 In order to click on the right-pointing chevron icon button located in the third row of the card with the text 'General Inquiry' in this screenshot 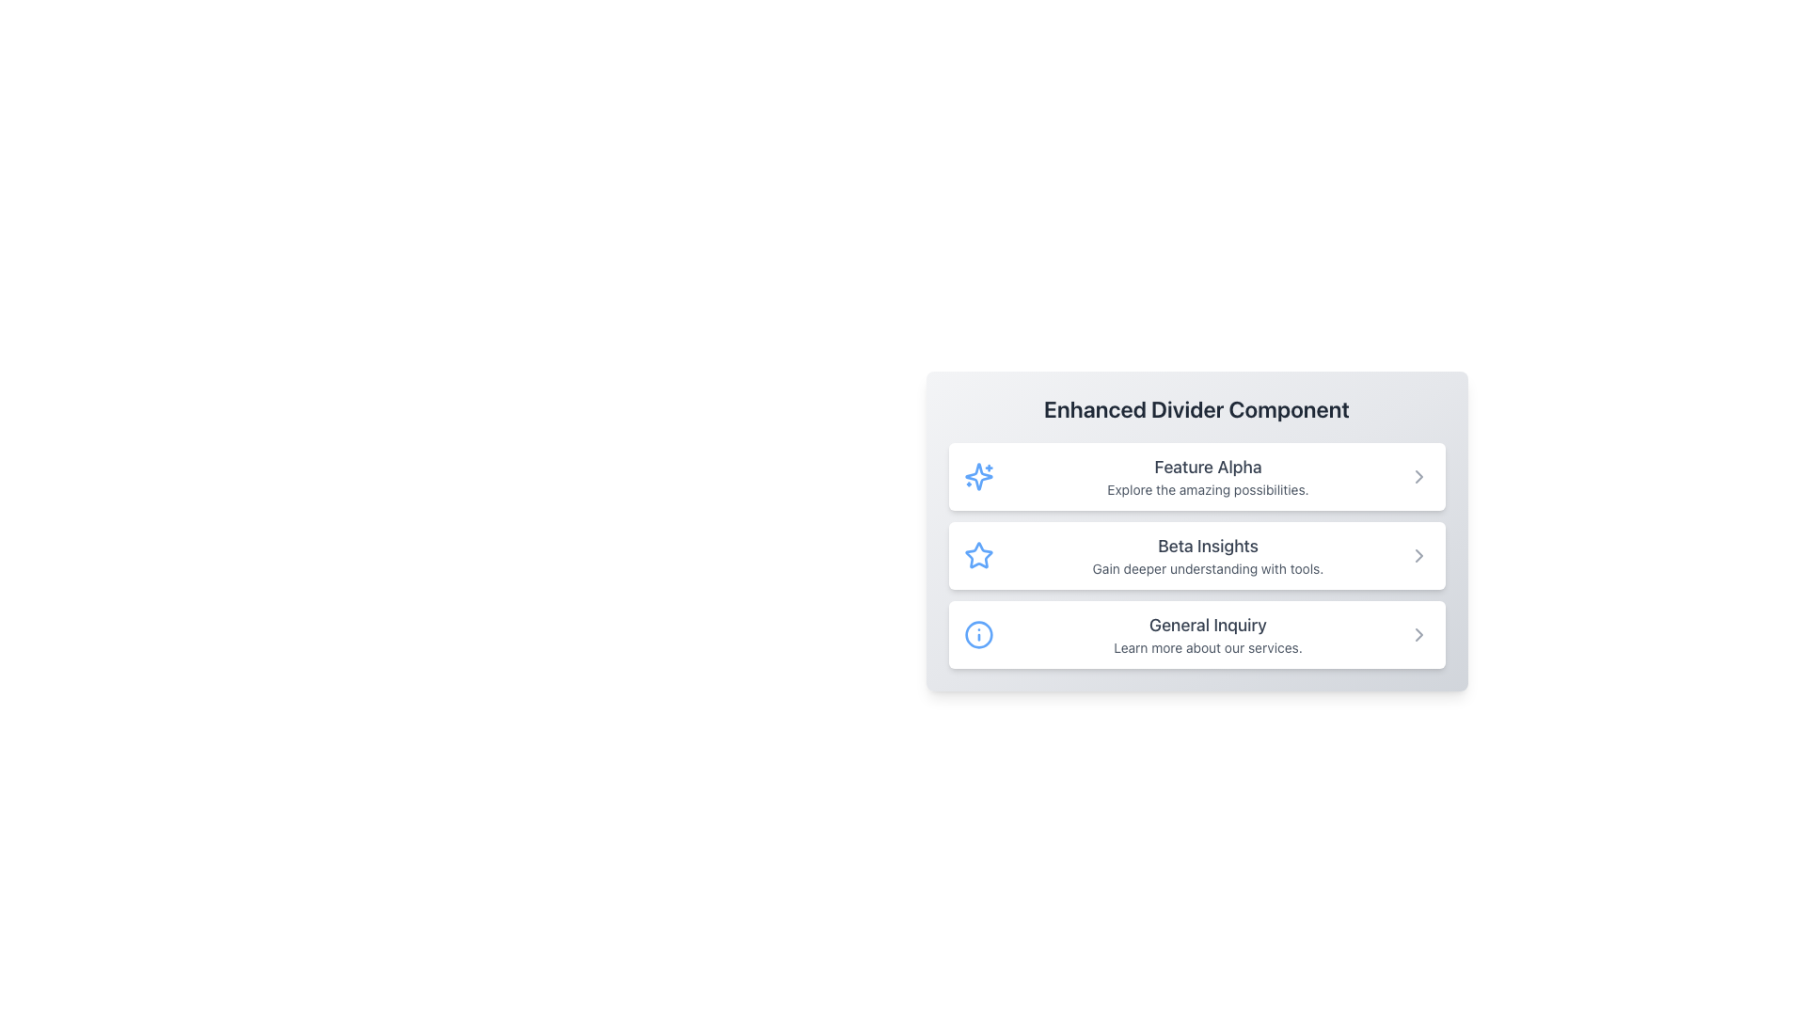, I will do `click(1418, 635)`.